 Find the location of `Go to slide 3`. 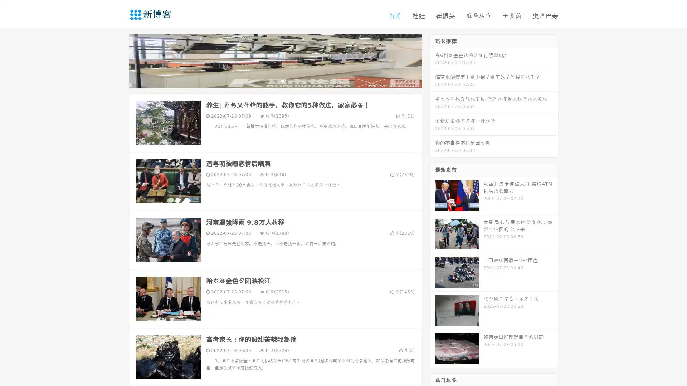

Go to slide 3 is located at coordinates (282, 80).